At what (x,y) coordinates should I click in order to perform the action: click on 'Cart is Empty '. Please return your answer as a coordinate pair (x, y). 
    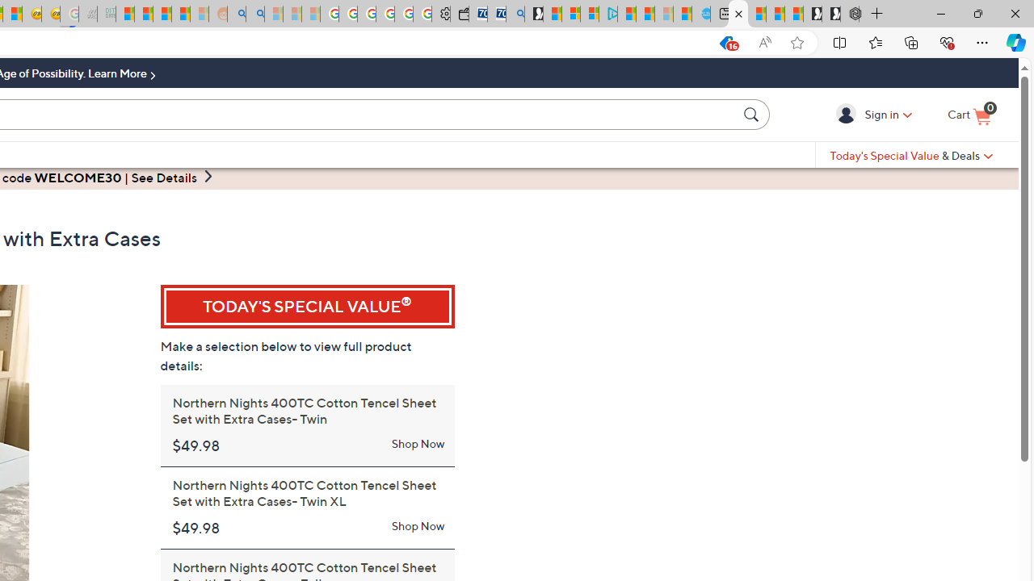
    Looking at the image, I should click on (969, 115).